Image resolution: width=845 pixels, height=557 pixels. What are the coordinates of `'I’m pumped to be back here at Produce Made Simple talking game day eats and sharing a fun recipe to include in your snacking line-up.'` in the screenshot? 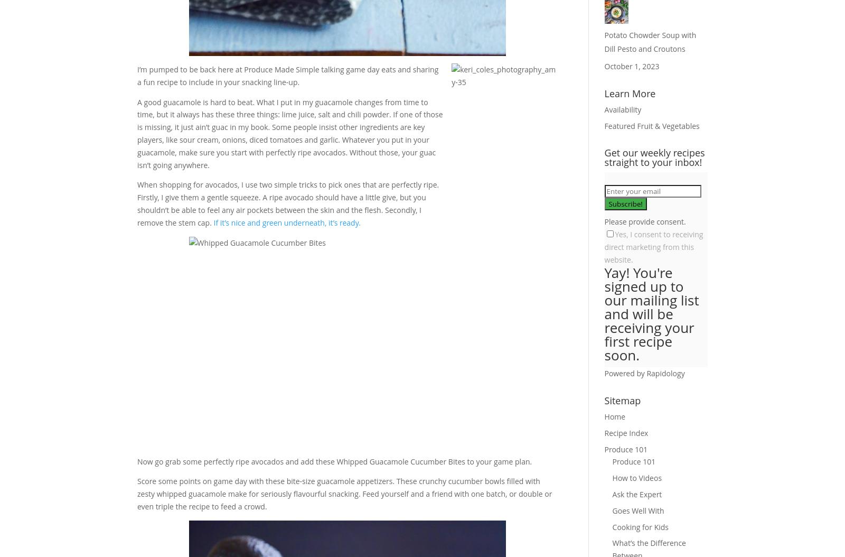 It's located at (287, 76).